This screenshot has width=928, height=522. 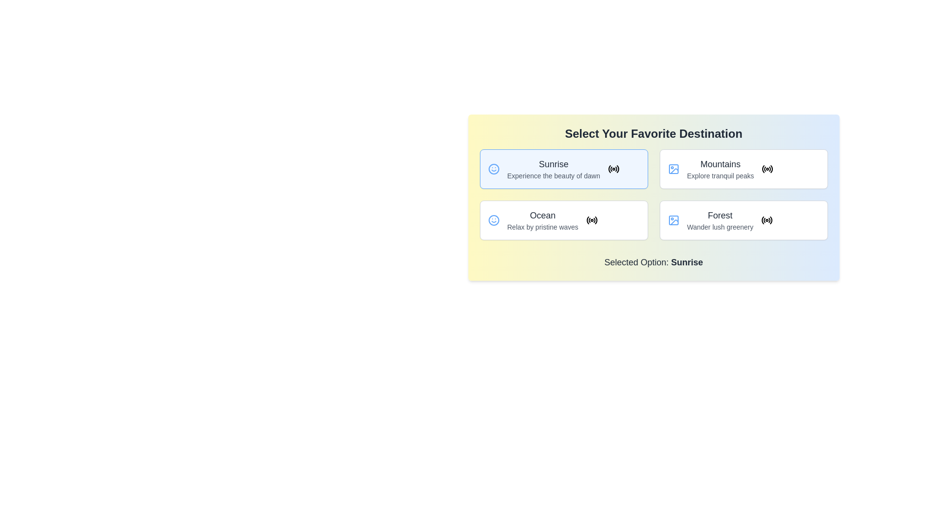 I want to click on the background rectangle of the 'Mountains' image icon in the selection UI, so click(x=673, y=169).